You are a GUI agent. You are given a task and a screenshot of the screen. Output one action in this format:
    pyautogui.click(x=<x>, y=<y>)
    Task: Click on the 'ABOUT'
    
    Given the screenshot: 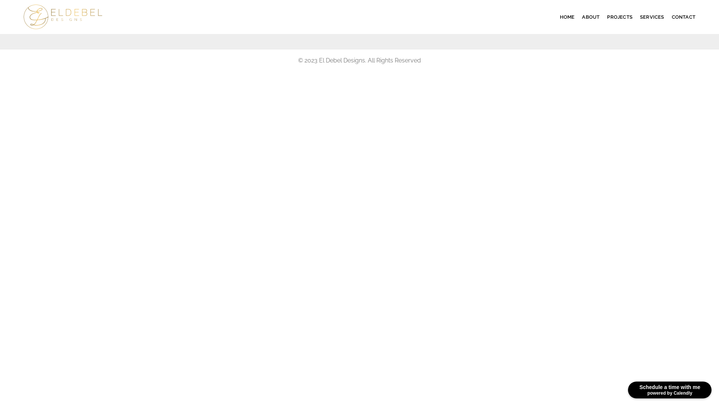 What is the action you would take?
    pyautogui.click(x=590, y=17)
    